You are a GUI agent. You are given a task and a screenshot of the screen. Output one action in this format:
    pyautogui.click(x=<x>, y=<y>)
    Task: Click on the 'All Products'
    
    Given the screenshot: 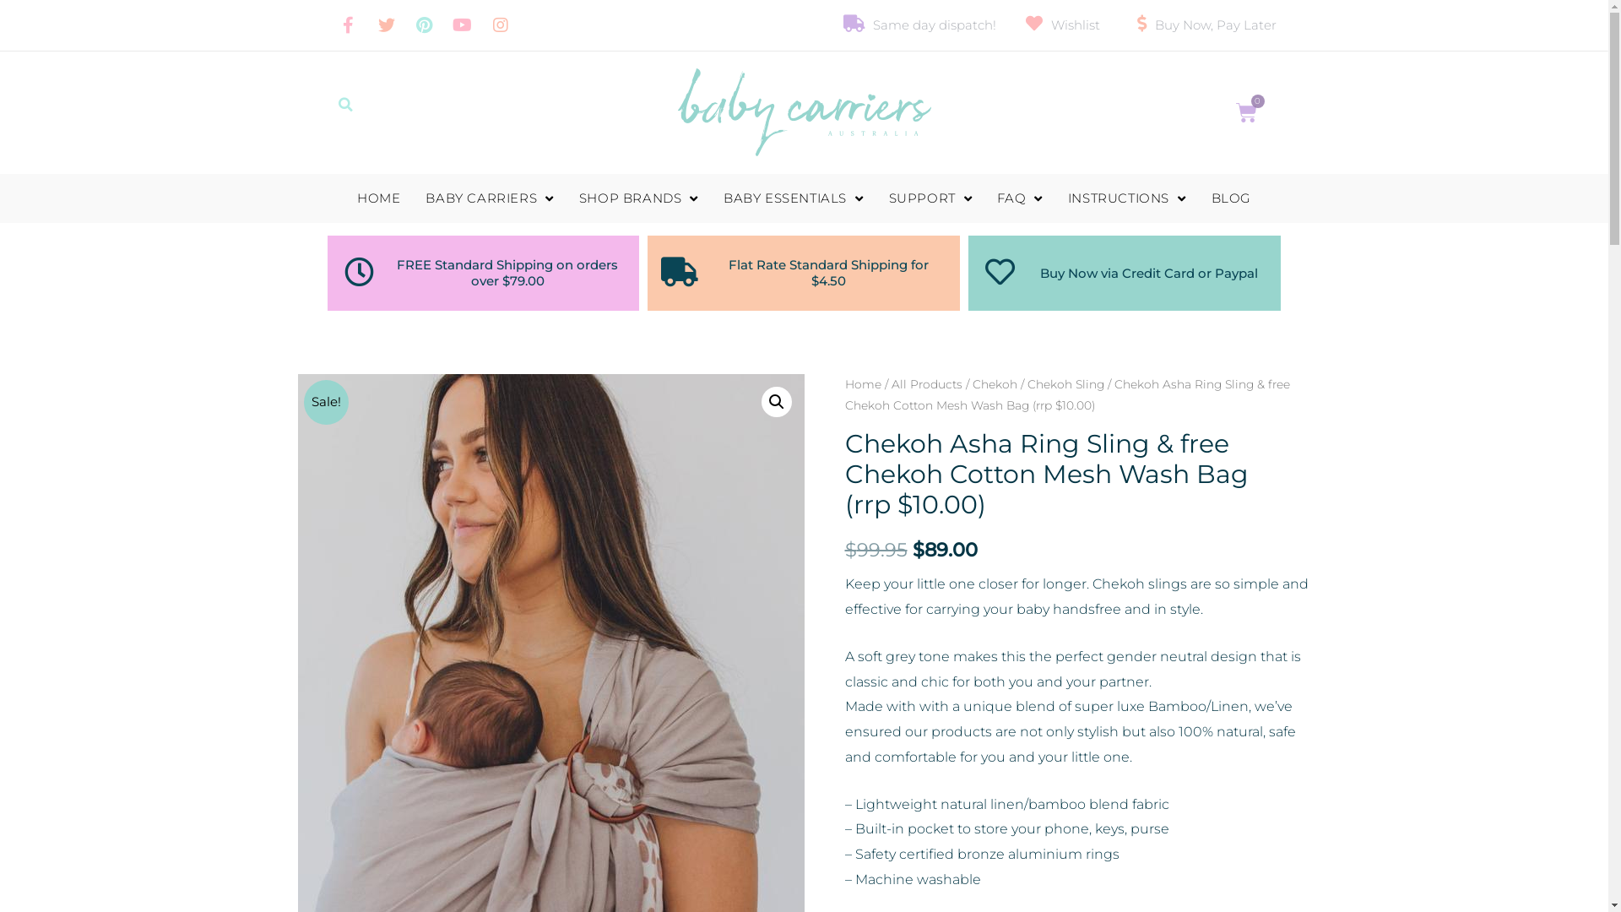 What is the action you would take?
    pyautogui.click(x=926, y=384)
    